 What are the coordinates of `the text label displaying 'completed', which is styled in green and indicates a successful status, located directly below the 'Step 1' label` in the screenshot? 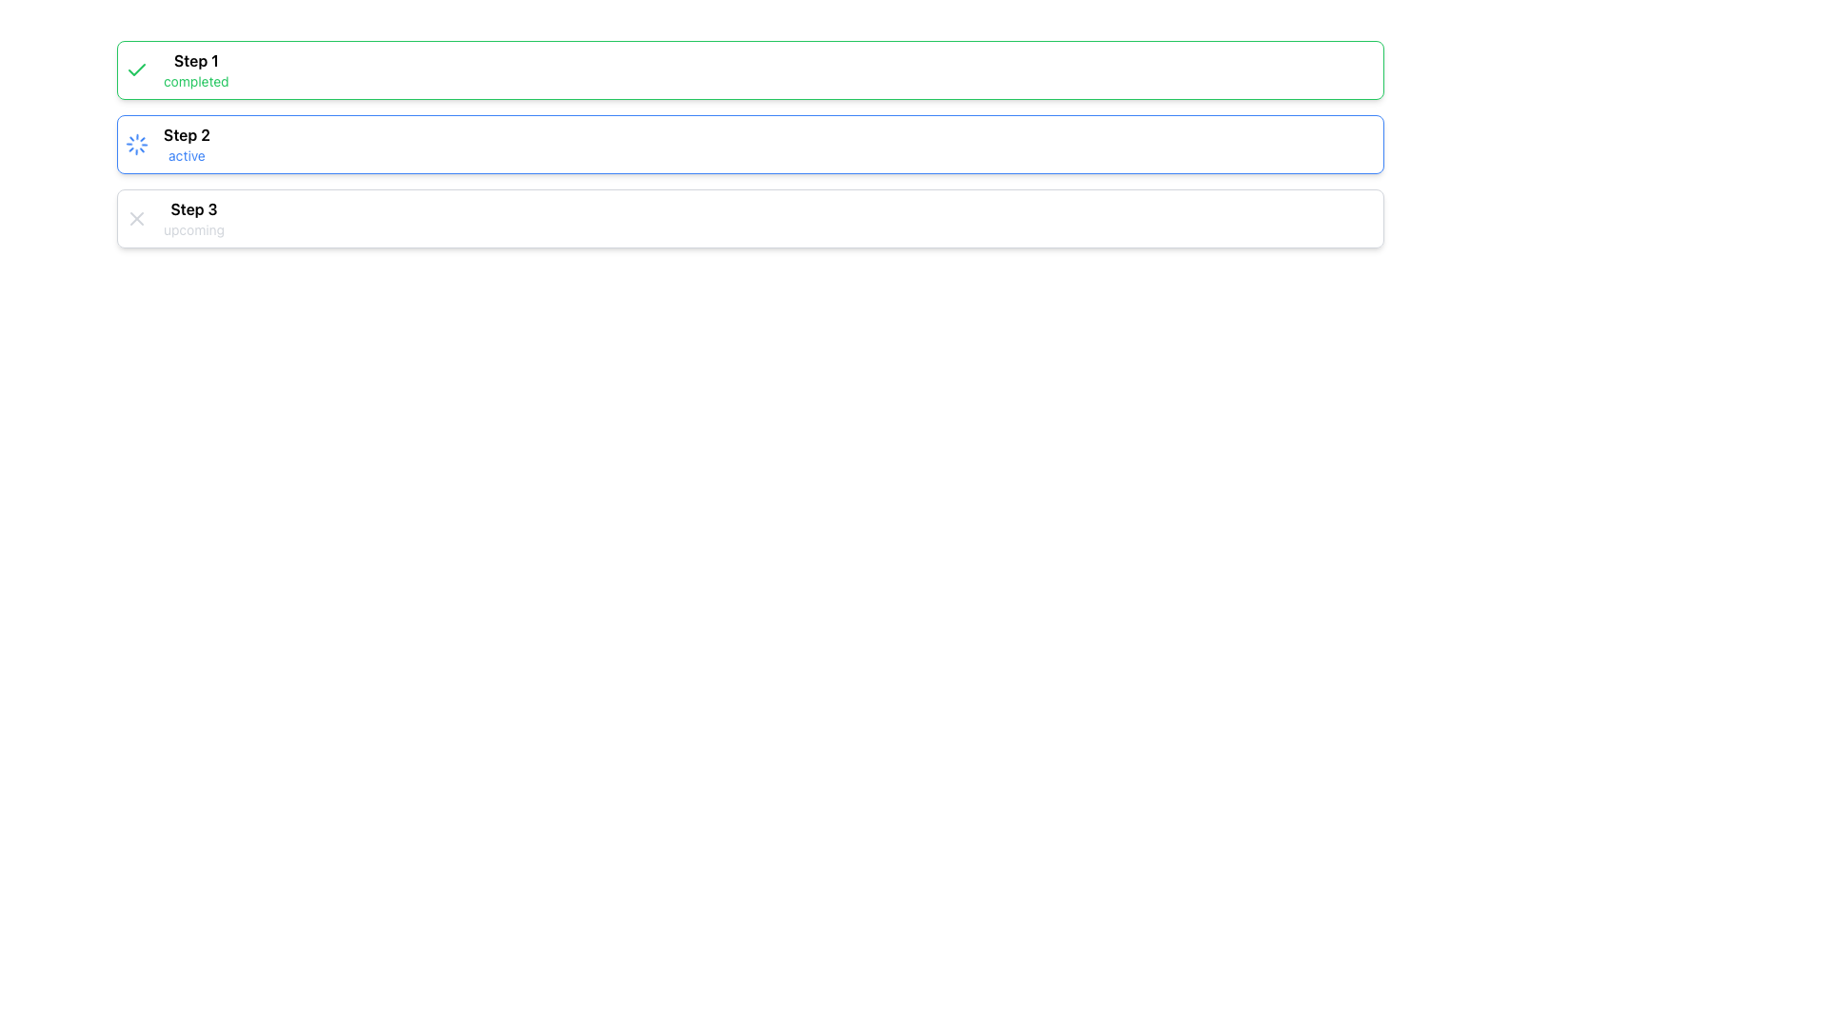 It's located at (196, 80).